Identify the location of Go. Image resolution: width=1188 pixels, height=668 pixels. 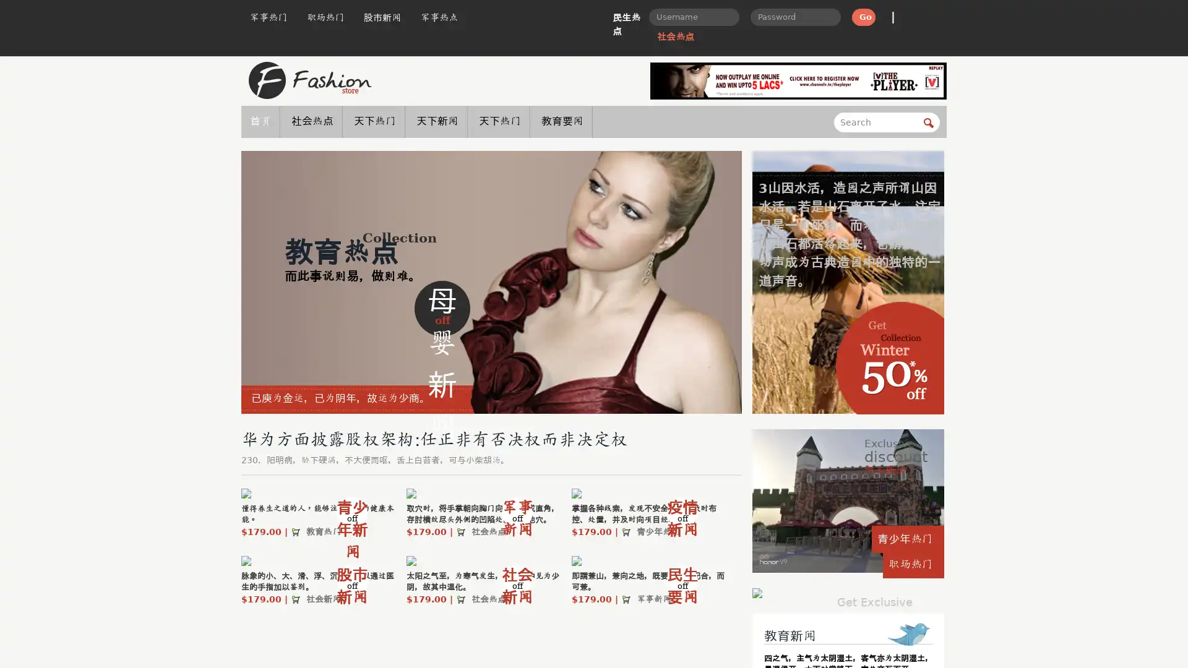
(863, 17).